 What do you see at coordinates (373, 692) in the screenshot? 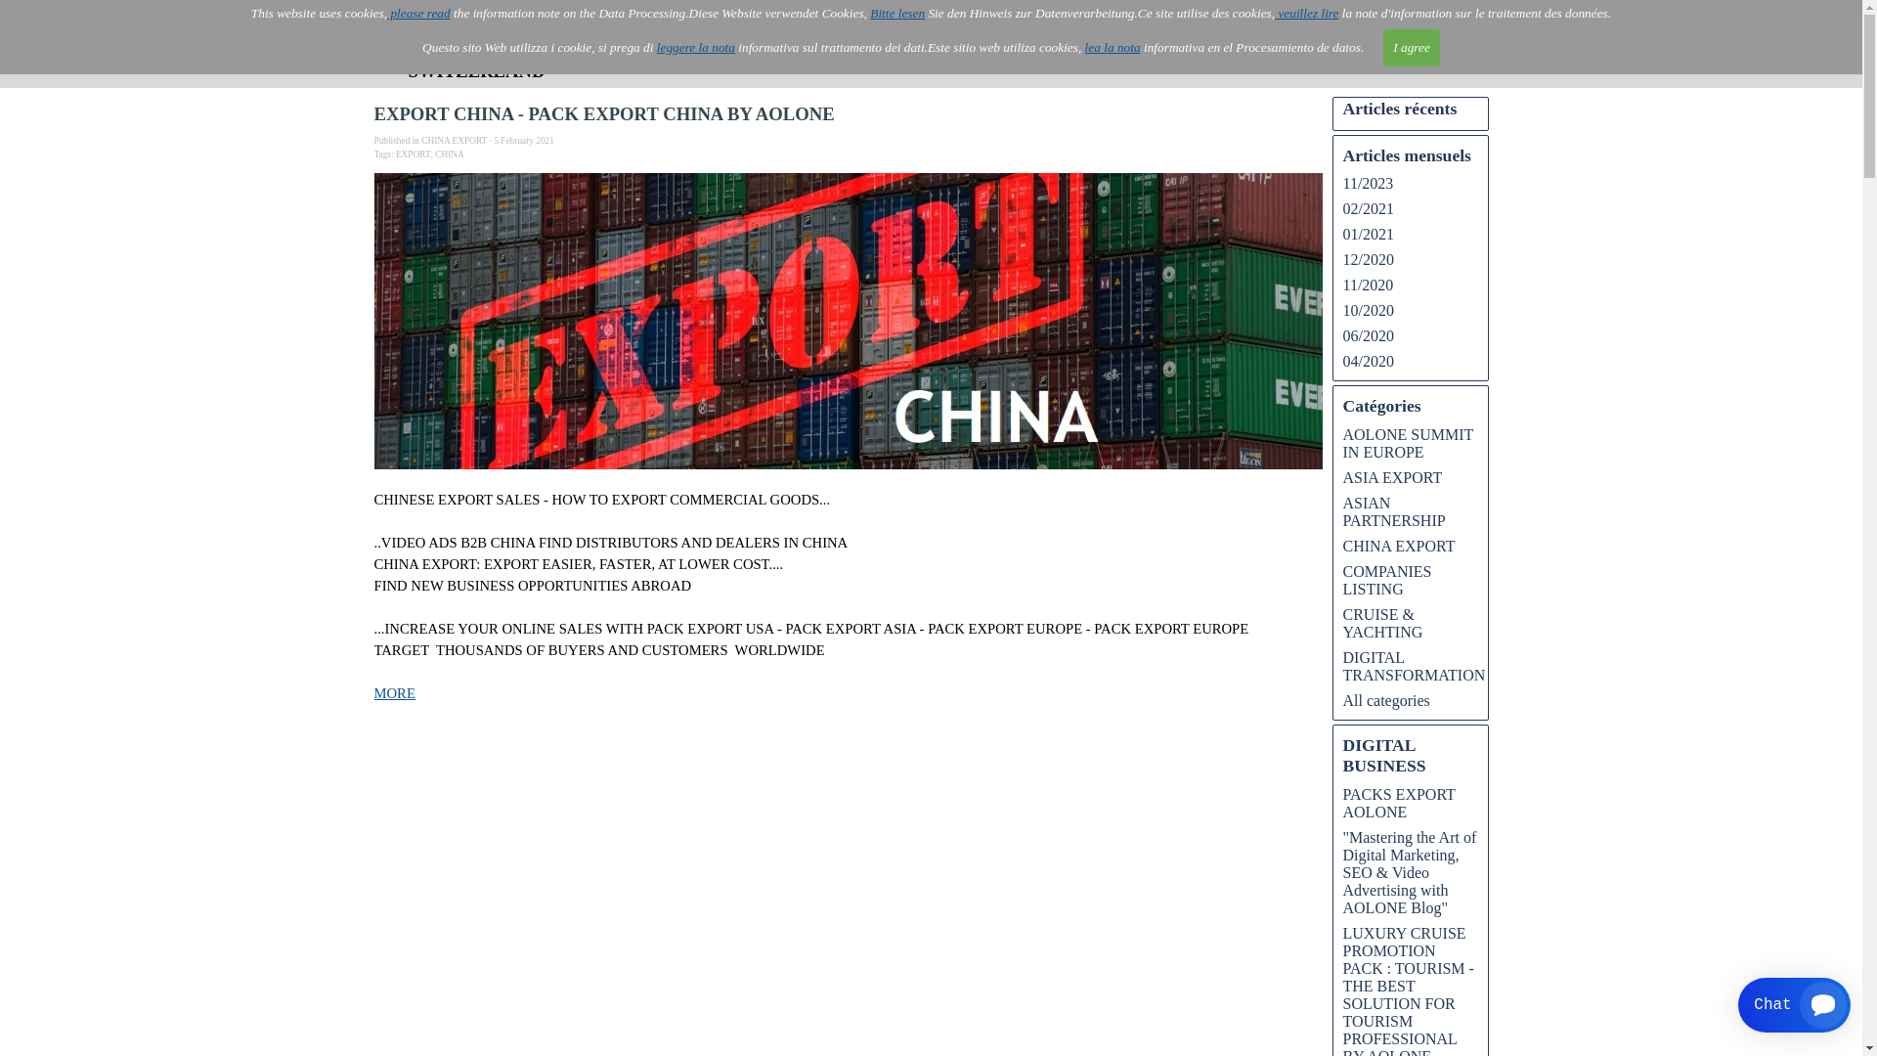
I see `'MORE'` at bounding box center [373, 692].